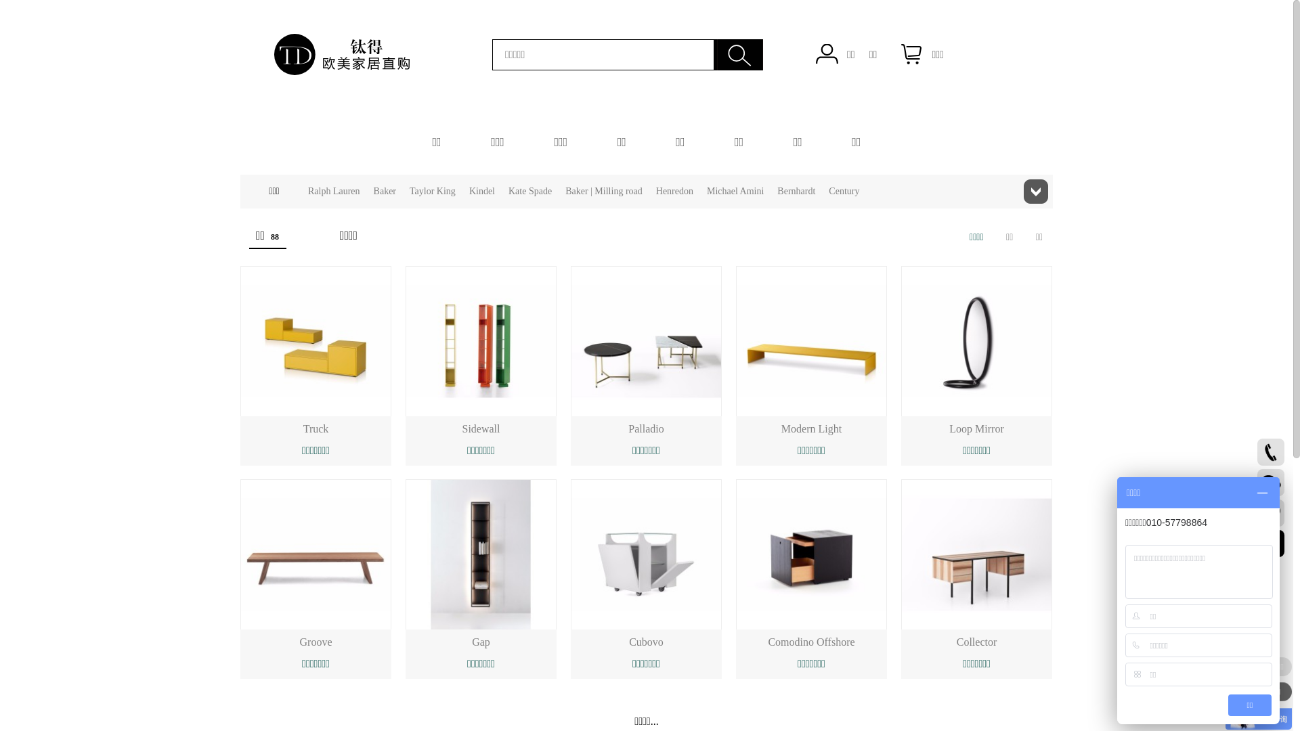  What do you see at coordinates (977, 641) in the screenshot?
I see `'Collector'` at bounding box center [977, 641].